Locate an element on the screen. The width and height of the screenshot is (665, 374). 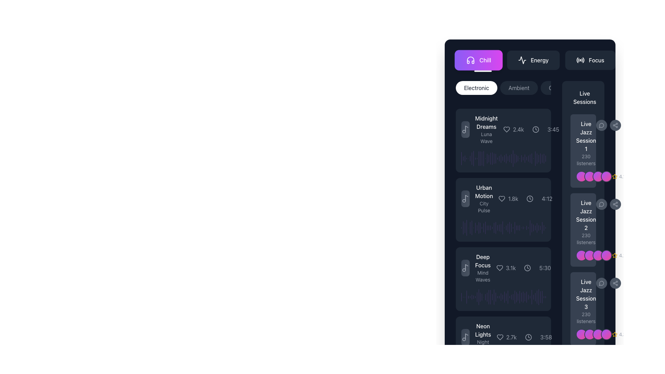
the informational text block describing the session located in the 'Live Sessions' section is located at coordinates (583, 143).